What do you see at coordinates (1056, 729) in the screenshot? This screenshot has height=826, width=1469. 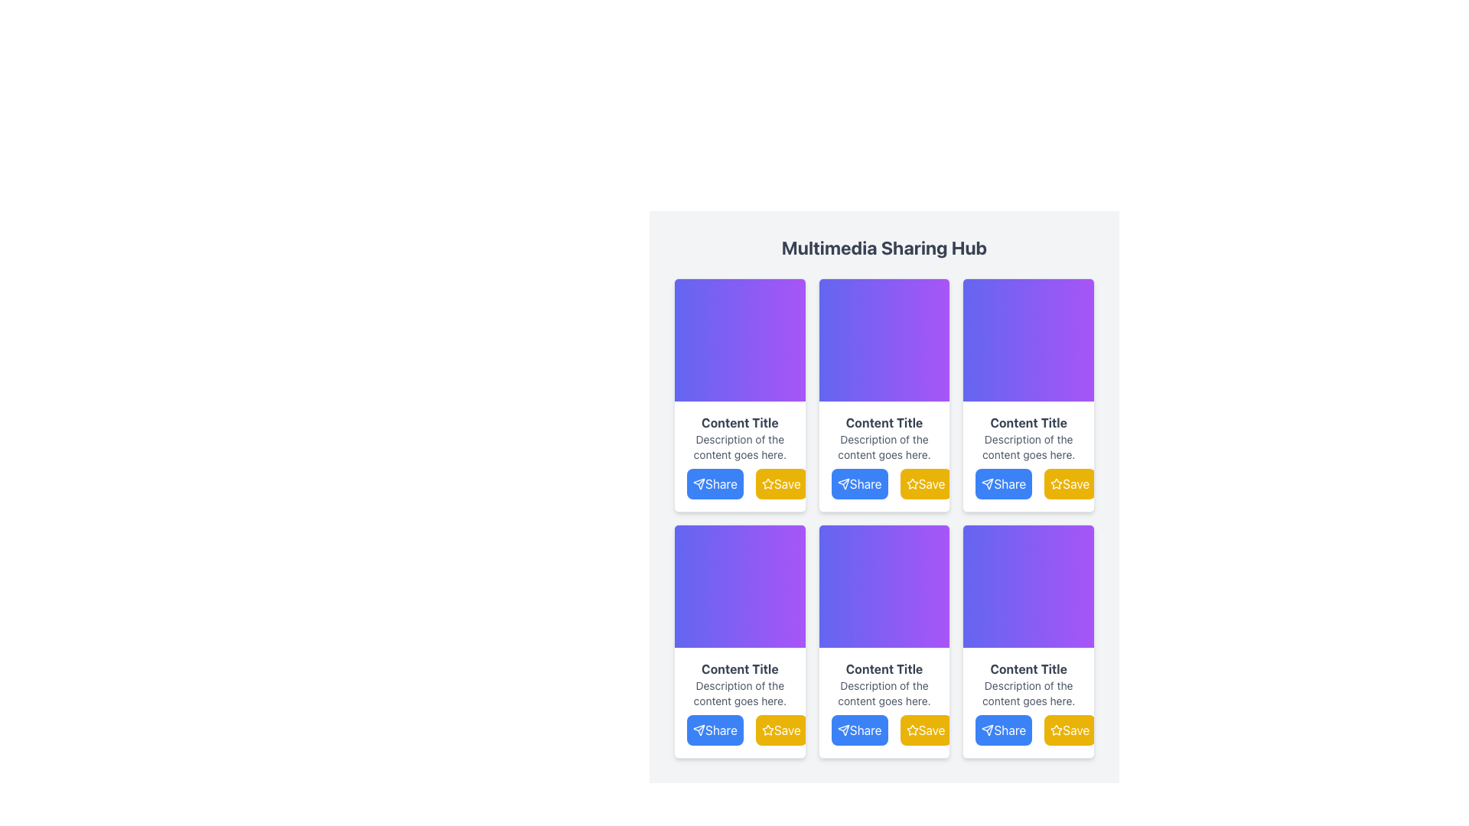 I see `the star icon located within the 'Save' button in the bottom-right card of the grid` at bounding box center [1056, 729].